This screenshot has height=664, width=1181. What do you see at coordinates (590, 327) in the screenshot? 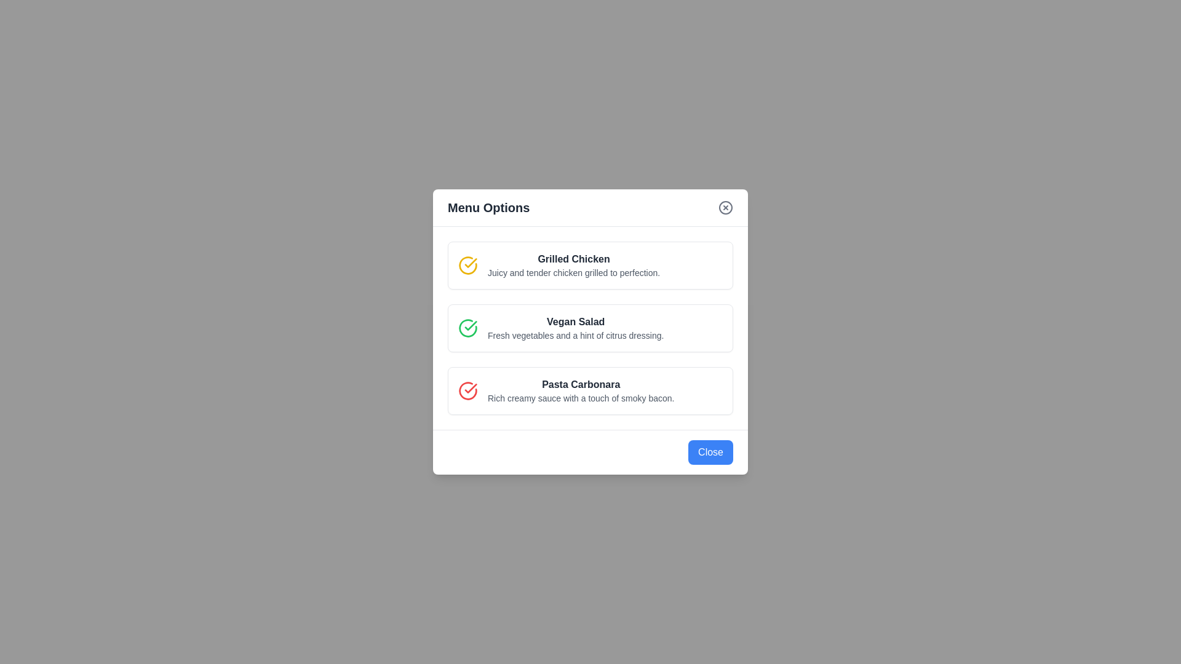
I see `the menu item Vegan Salad to select it` at bounding box center [590, 327].